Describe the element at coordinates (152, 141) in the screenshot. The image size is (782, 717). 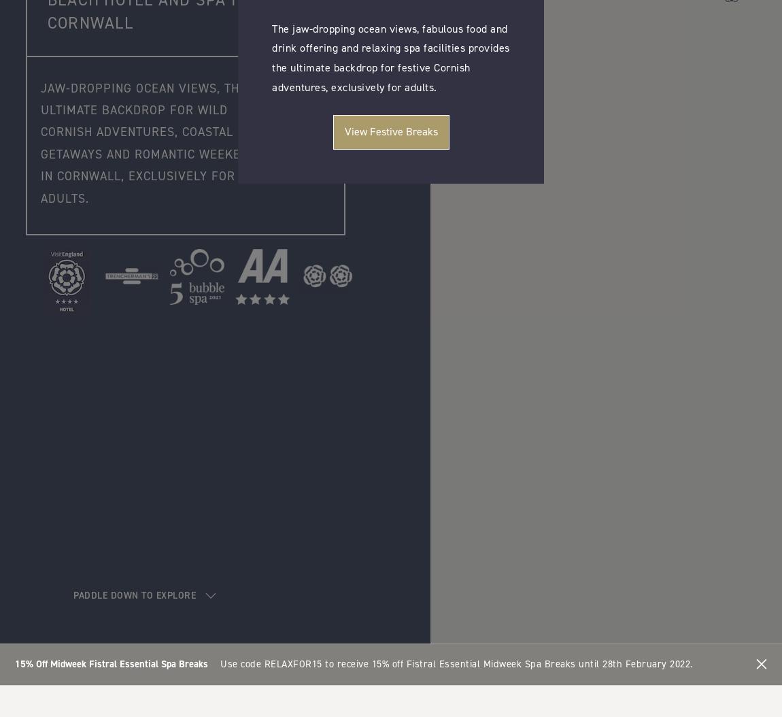
I see `'Jaw-dropping ocean views, the ultimate backdrop for wild Cornish adventures, coastal getaways and romantic weekends in Cornwall, exclusively for adults.'` at that location.